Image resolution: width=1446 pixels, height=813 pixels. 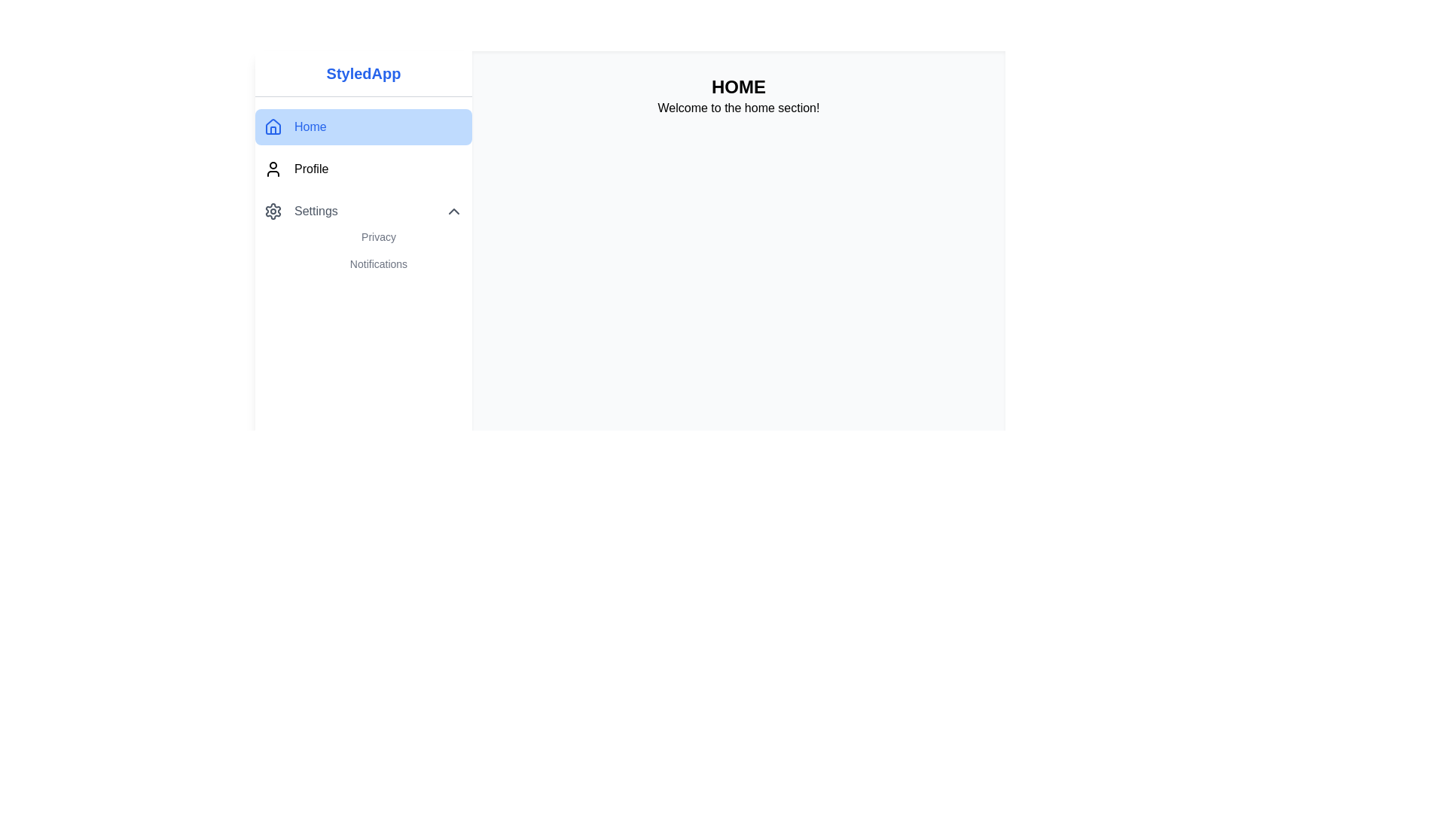 I want to click on the 'Home' navigation icon located at the top of the sidebar menu, which visually represents the 'Home' option, so click(x=273, y=126).